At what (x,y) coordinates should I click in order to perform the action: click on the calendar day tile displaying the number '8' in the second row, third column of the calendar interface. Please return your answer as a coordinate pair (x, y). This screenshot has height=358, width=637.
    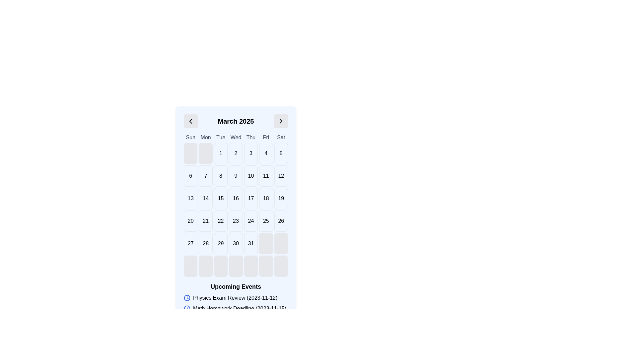
    Looking at the image, I should click on (221, 176).